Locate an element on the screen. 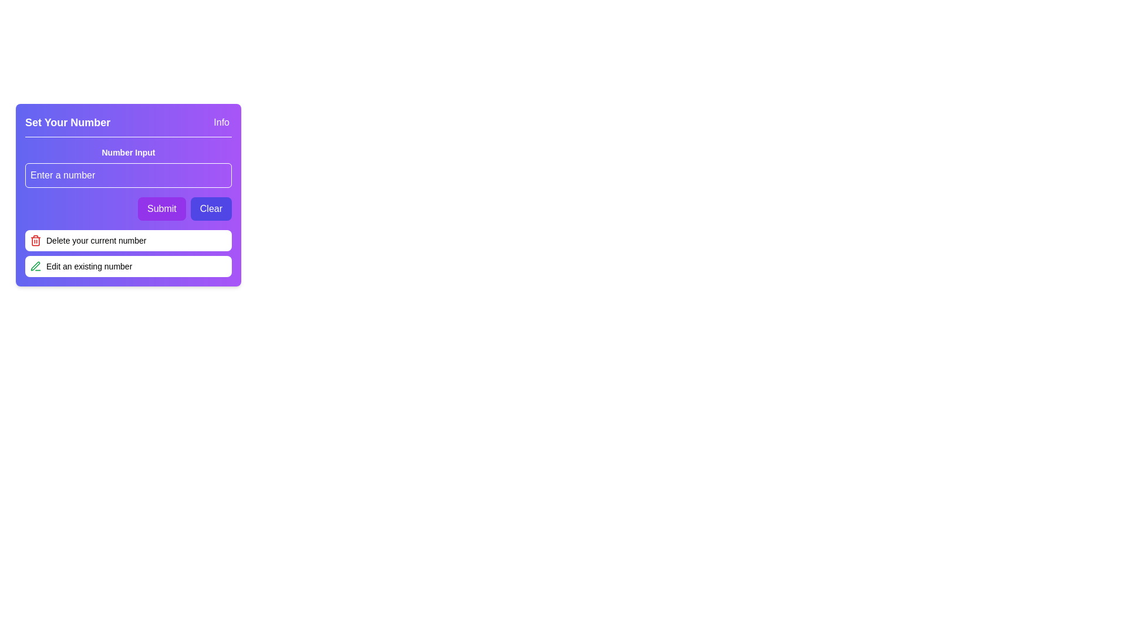 Image resolution: width=1127 pixels, height=634 pixels. the button labeled 'Edit an existing number' with a green pen icon is located at coordinates (129, 267).